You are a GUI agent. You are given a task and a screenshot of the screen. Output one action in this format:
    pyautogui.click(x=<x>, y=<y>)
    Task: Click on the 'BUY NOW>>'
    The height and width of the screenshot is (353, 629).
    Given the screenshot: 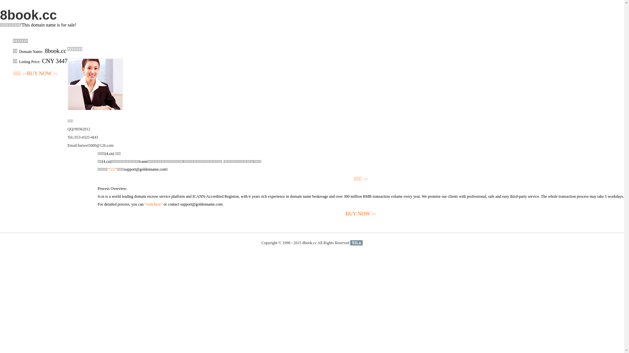 What is the action you would take?
    pyautogui.click(x=42, y=74)
    